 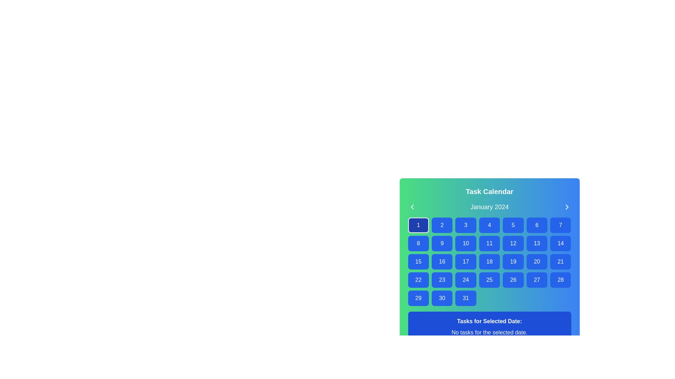 What do you see at coordinates (418, 243) in the screenshot?
I see `the button representing January 8th in the calendar` at bounding box center [418, 243].